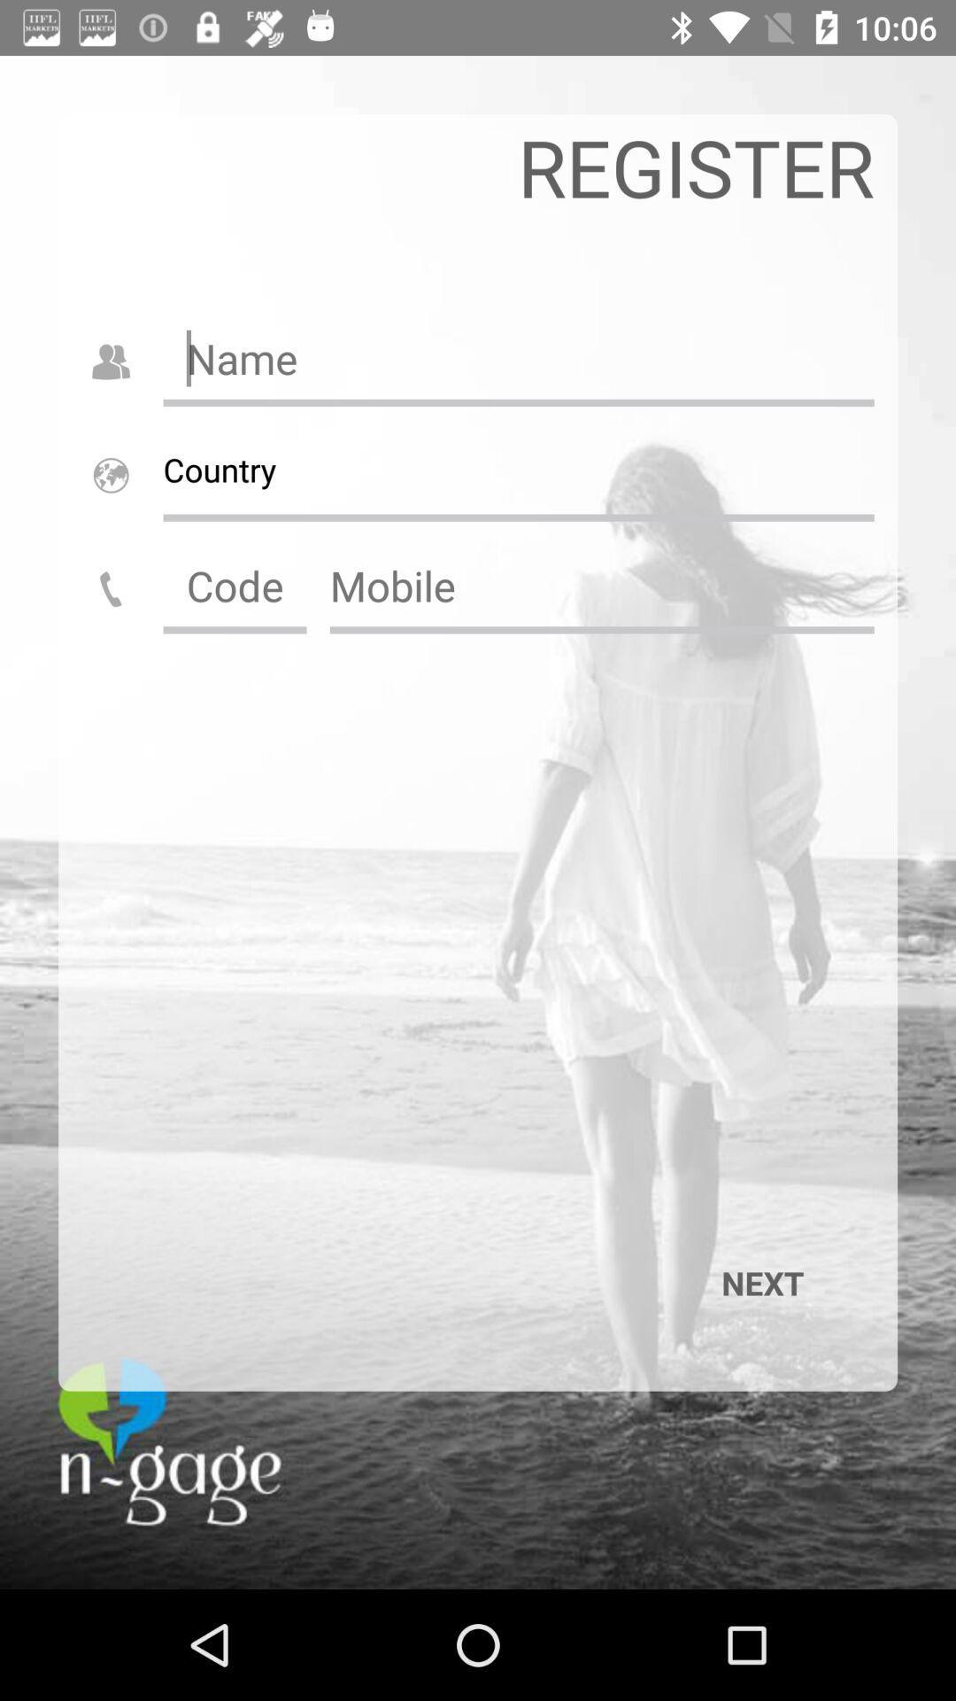 The image size is (956, 1701). What do you see at coordinates (518, 357) in the screenshot?
I see `name box` at bounding box center [518, 357].